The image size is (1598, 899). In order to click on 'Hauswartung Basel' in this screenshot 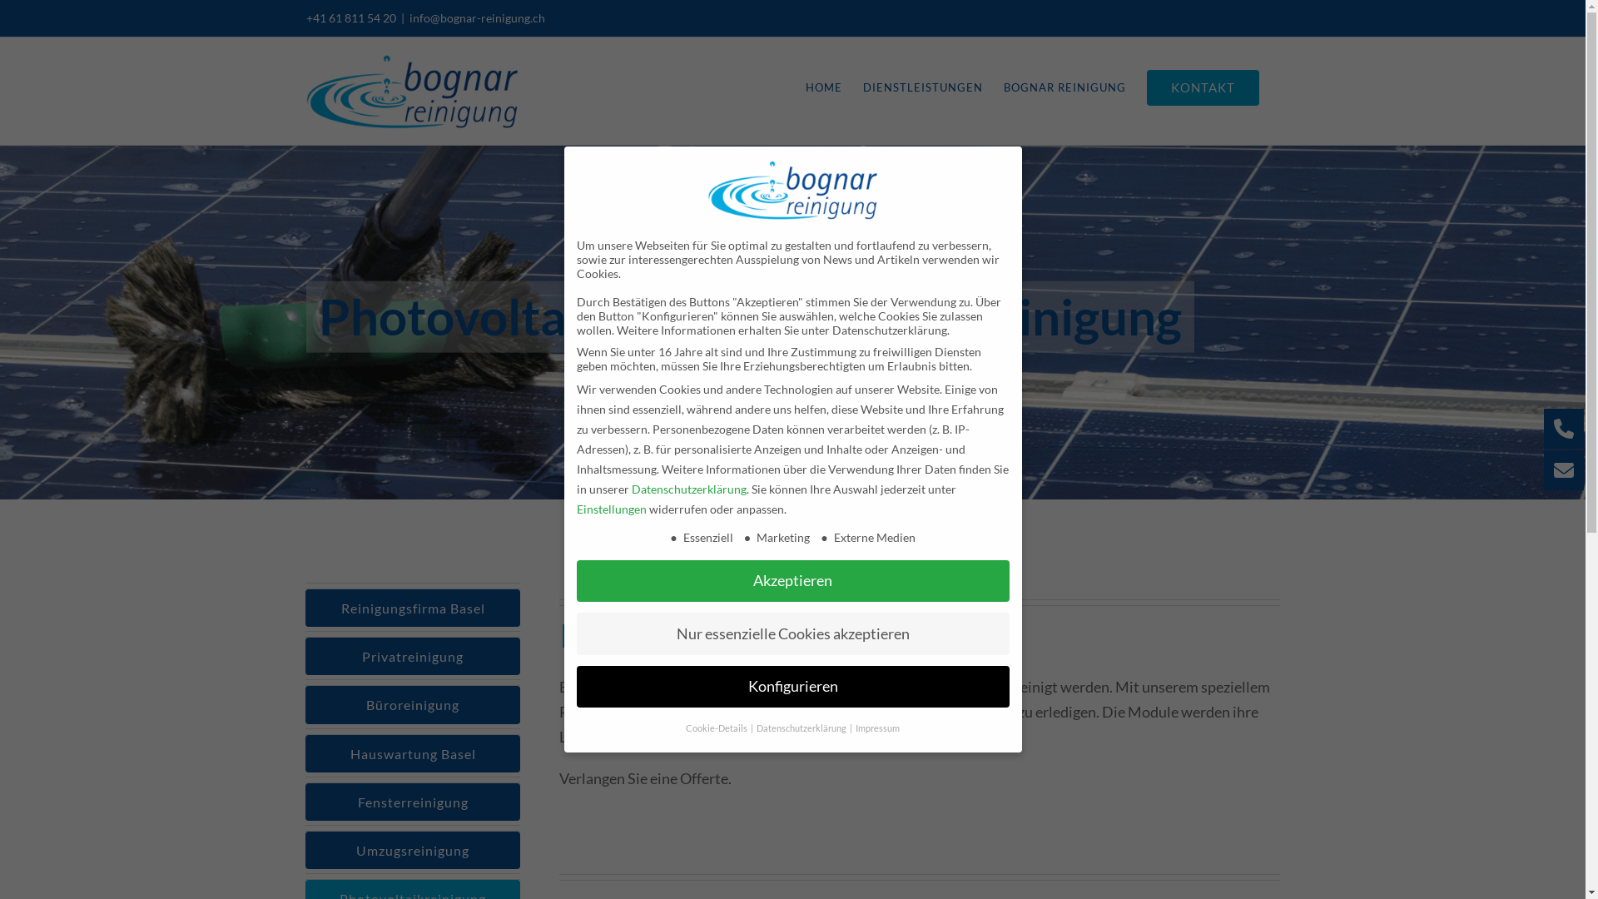, I will do `click(412, 753)`.